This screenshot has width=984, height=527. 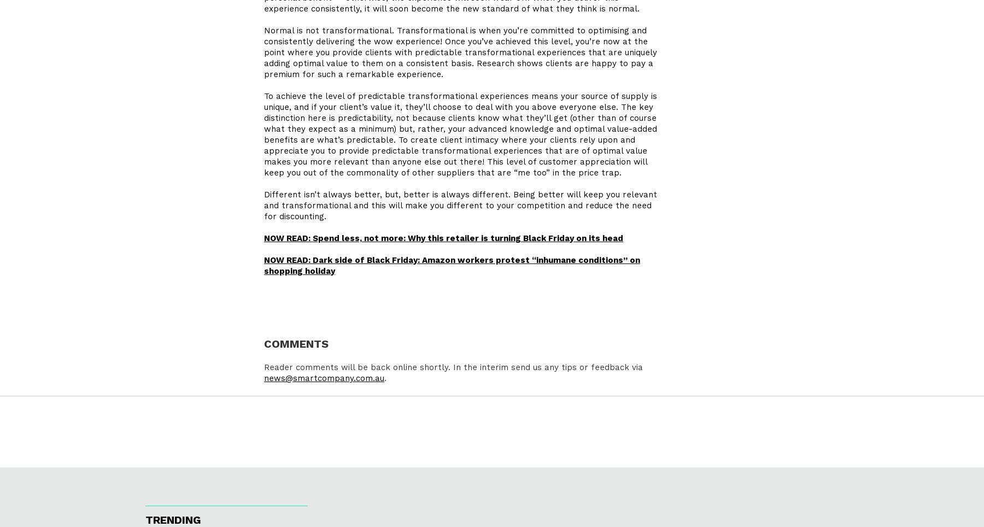 I want to click on 'Trending', so click(x=172, y=520).